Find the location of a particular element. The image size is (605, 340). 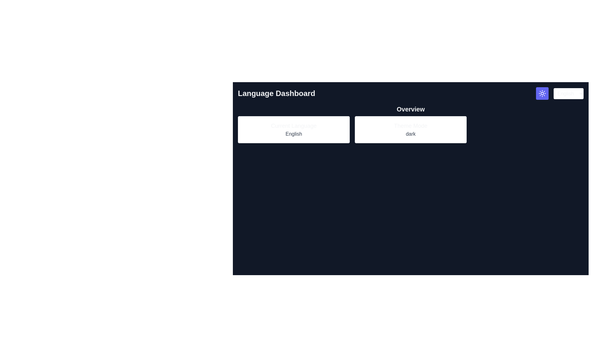

the square button with rounded corners and a purple background featuring a white sun icon in the center is located at coordinates (542, 93).